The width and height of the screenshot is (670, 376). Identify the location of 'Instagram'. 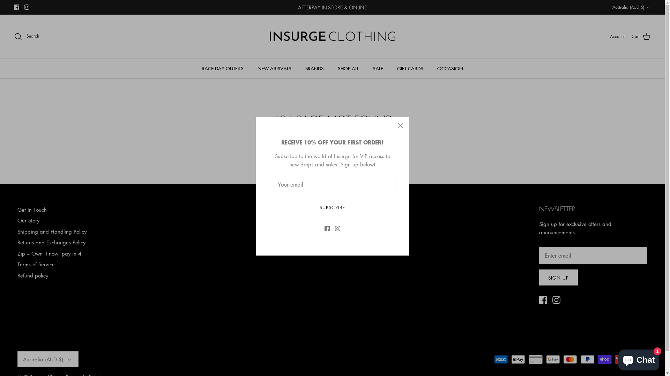
(27, 7).